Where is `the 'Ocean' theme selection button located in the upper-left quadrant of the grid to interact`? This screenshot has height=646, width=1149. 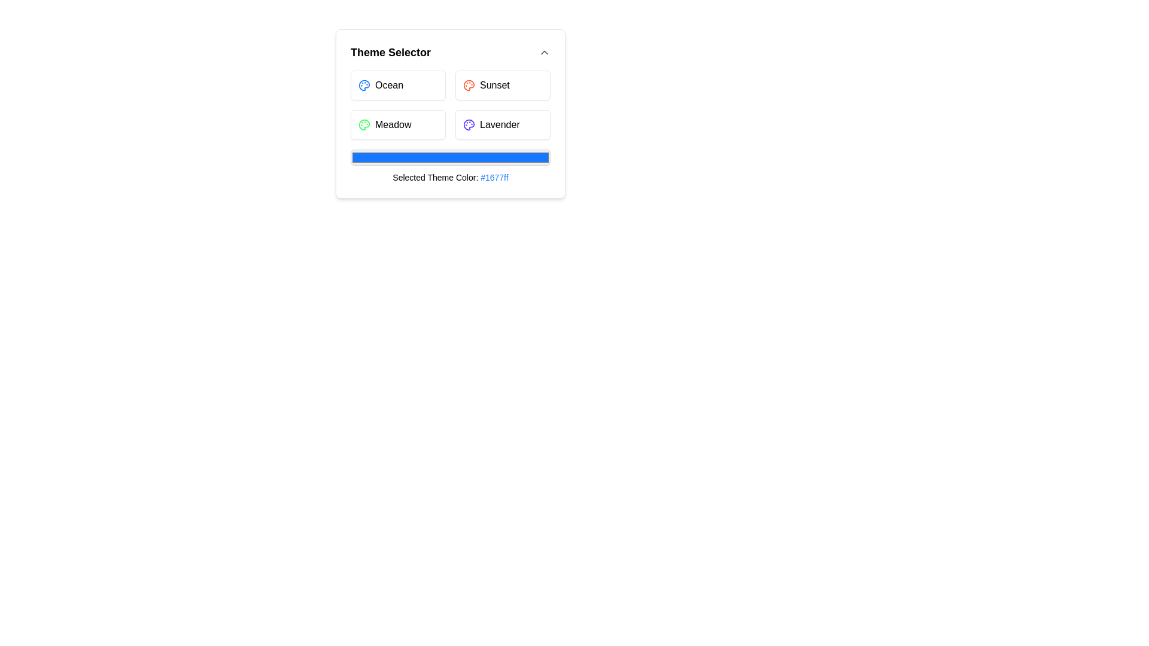
the 'Ocean' theme selection button located in the upper-left quadrant of the grid to interact is located at coordinates (398, 84).